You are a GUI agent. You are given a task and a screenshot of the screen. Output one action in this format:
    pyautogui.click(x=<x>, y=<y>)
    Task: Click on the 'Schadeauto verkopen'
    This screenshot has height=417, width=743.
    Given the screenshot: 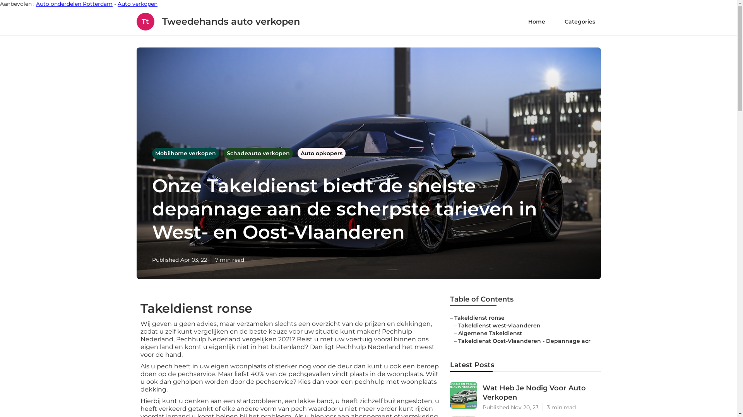 What is the action you would take?
    pyautogui.click(x=259, y=153)
    